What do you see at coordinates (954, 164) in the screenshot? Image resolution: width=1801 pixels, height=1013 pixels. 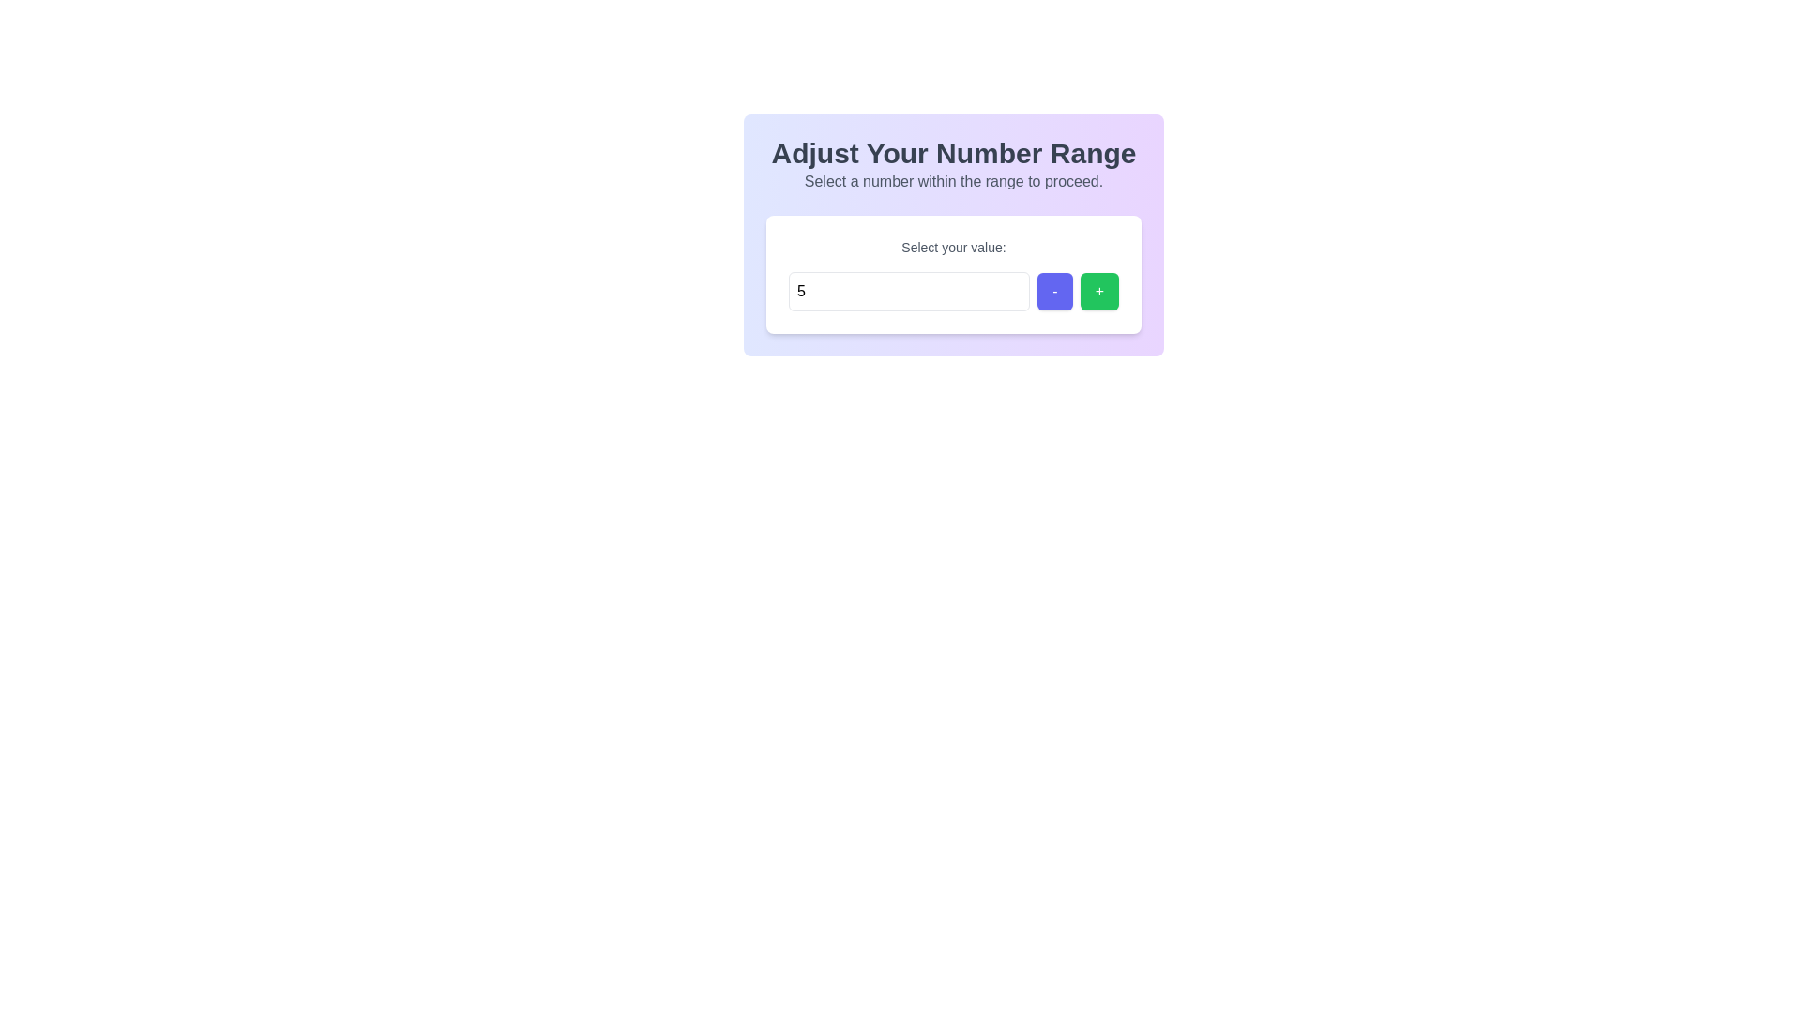 I see `the textual informational header that displays 'Adjust Your Number Range' and 'Select a number within the range to proceed.'` at bounding box center [954, 164].